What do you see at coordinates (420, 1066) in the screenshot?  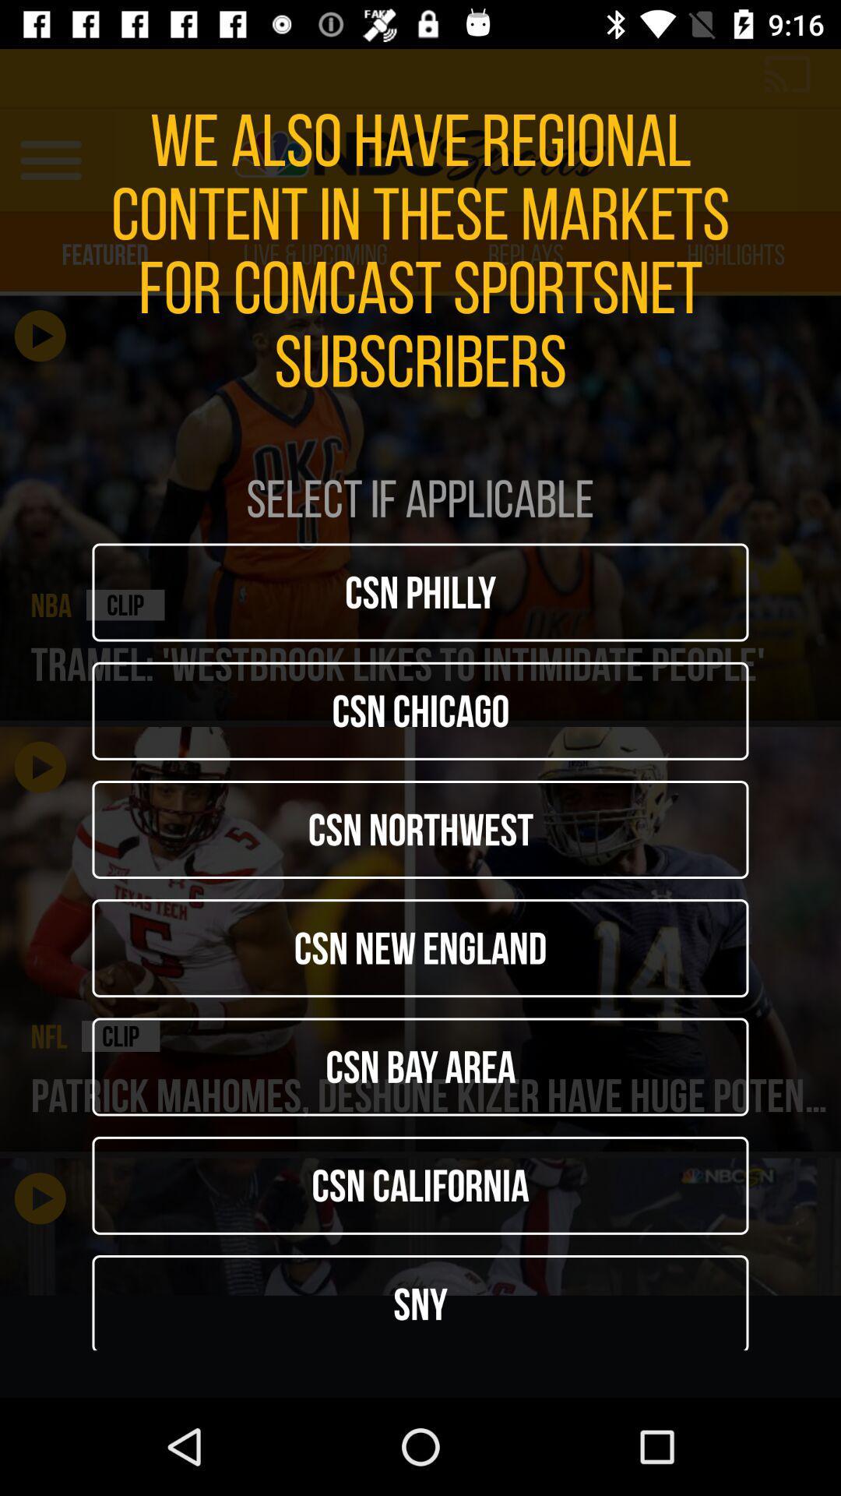 I see `csn bay area item` at bounding box center [420, 1066].